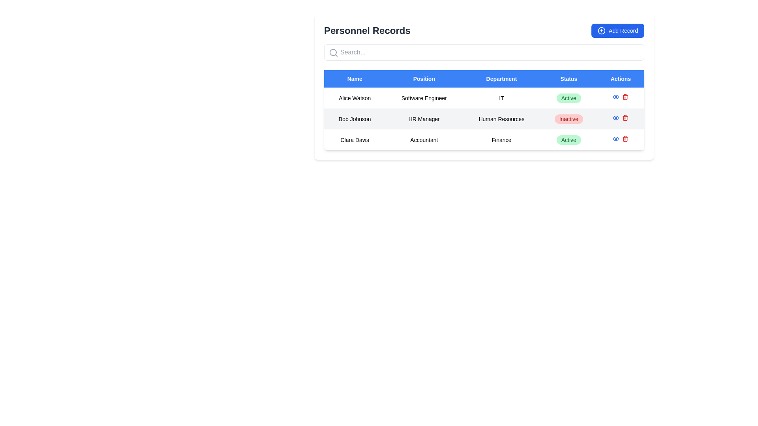  I want to click on the circular outline of the magnifying glass icon located in the search bar at the top-left corner of the interface, so click(333, 52).